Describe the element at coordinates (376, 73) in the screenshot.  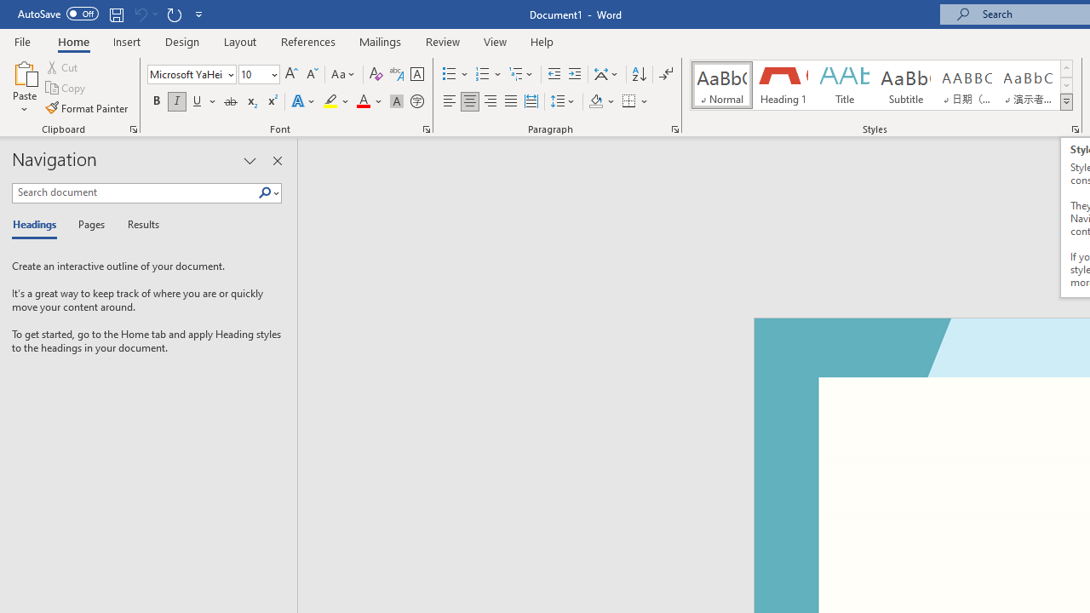
I see `'Clear Formatting'` at that location.